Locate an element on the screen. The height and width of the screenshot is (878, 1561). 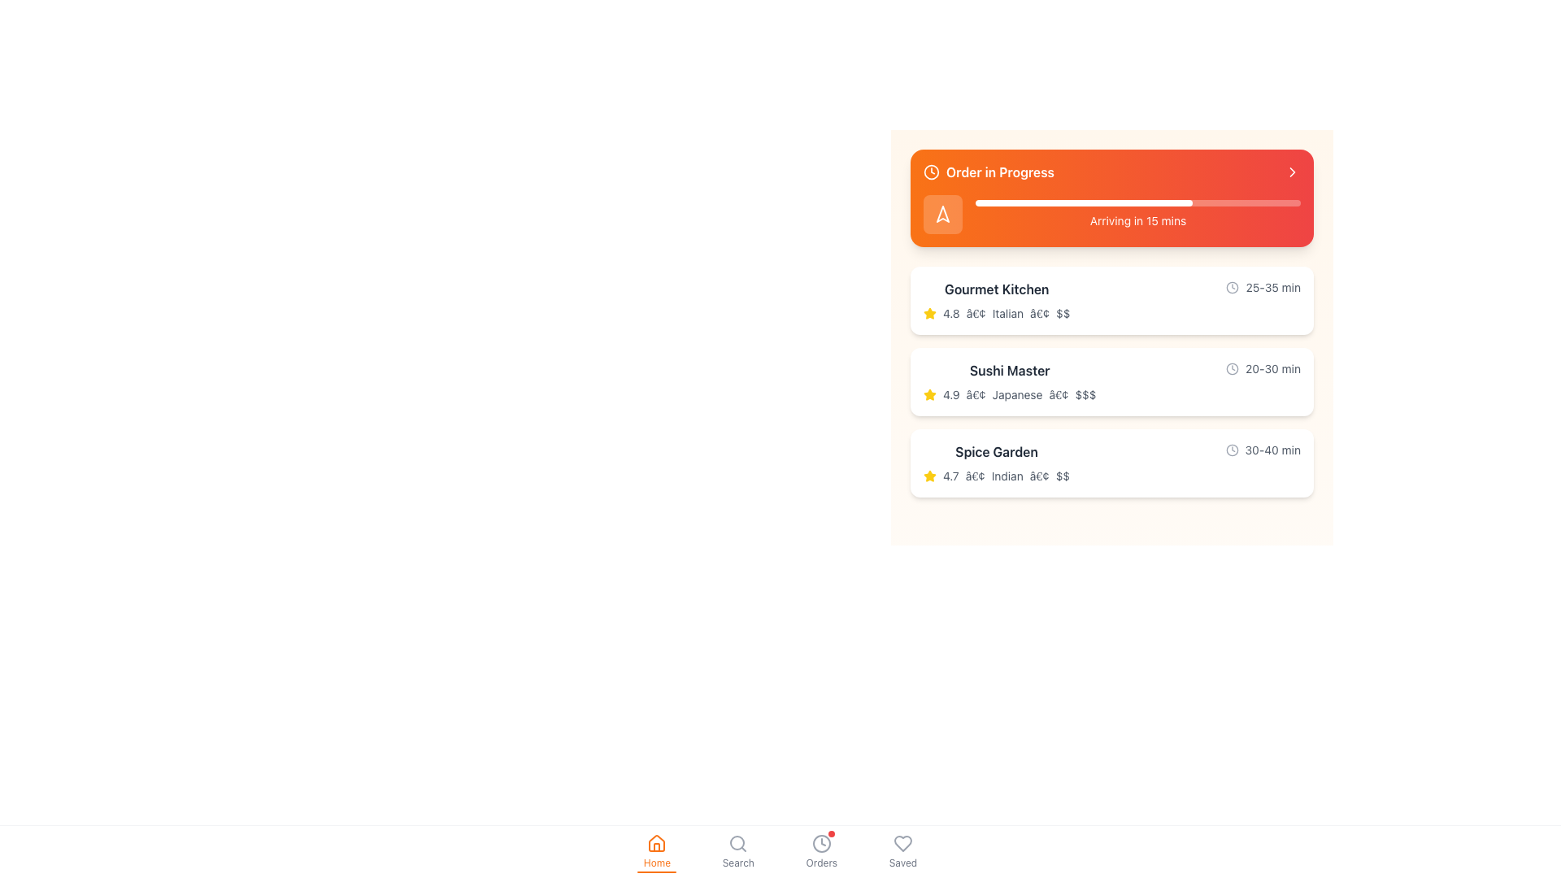
the text label 'Italian' styled in a small, gray font, located in the restaurant description for 'Gourmet Kitchen', positioned after the rating score (4.8) and a dot separator is located at coordinates (1007, 313).